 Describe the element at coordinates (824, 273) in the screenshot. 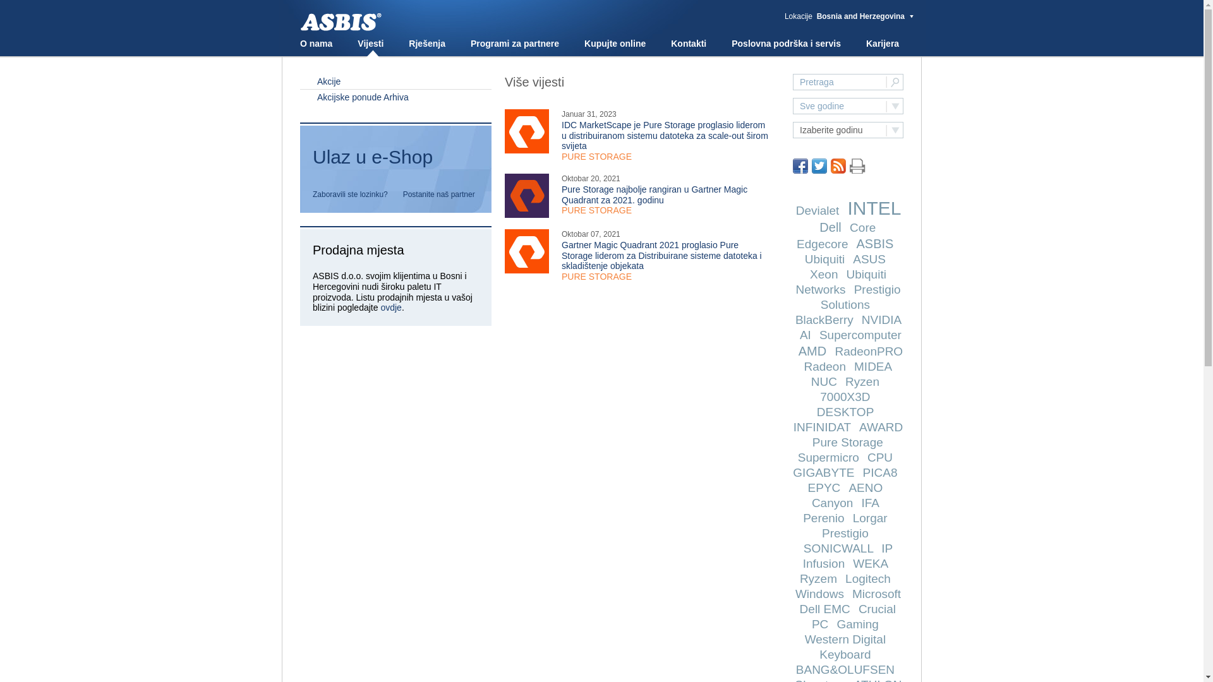

I see `'Xeon'` at that location.